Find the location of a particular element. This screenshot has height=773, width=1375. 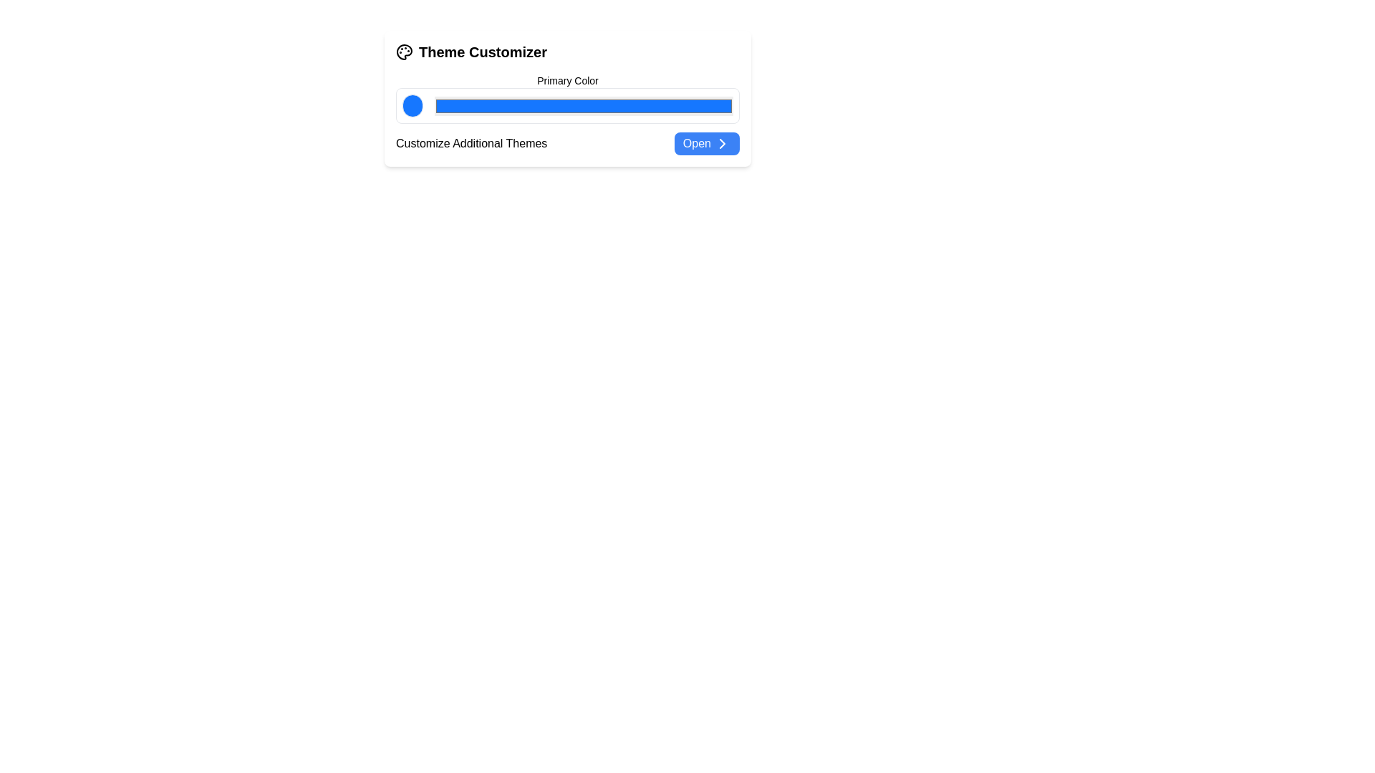

the circular UI decoration or color selection indicator with a blue background located to the left of the color picker input field near the title 'Theme Customizer' is located at coordinates (412, 104).